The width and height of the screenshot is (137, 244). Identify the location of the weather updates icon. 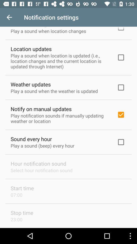
(31, 84).